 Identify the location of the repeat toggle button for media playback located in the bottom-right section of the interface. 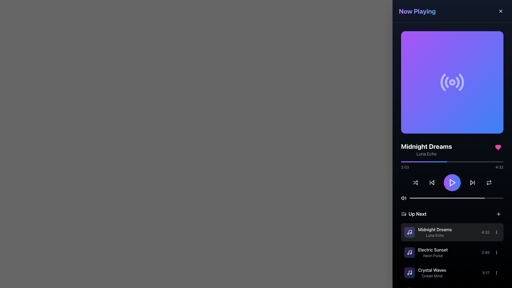
(489, 182).